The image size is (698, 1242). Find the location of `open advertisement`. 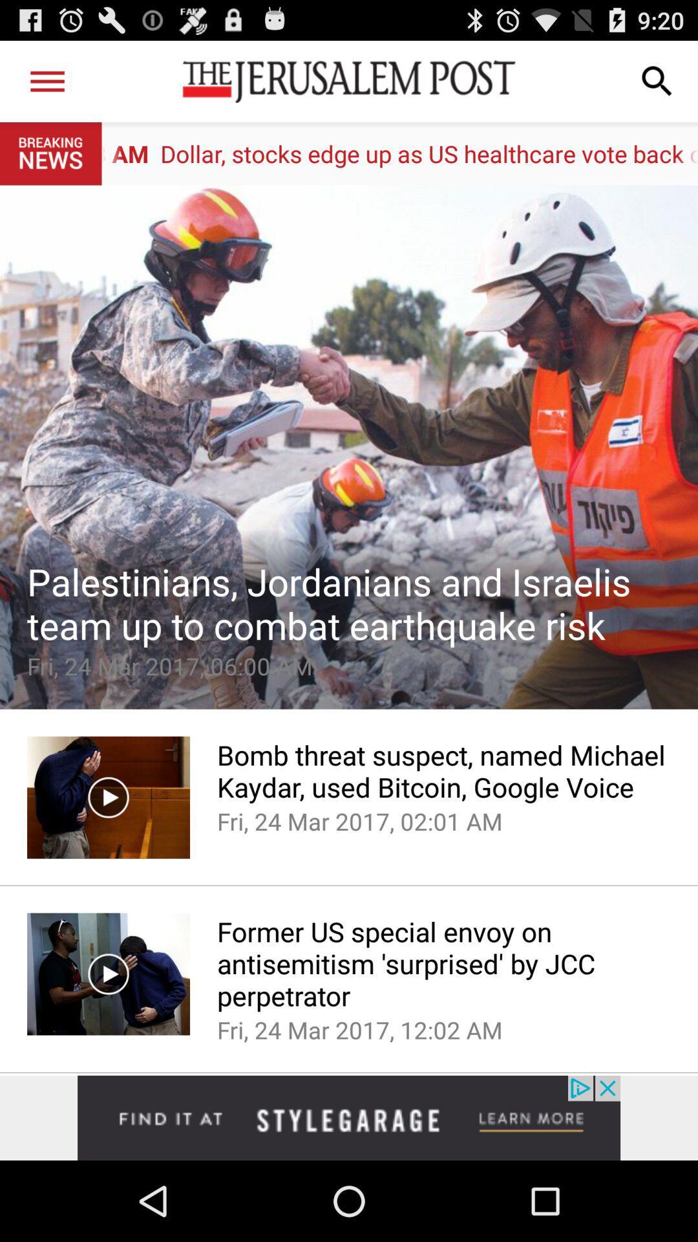

open advertisement is located at coordinates (349, 1117).